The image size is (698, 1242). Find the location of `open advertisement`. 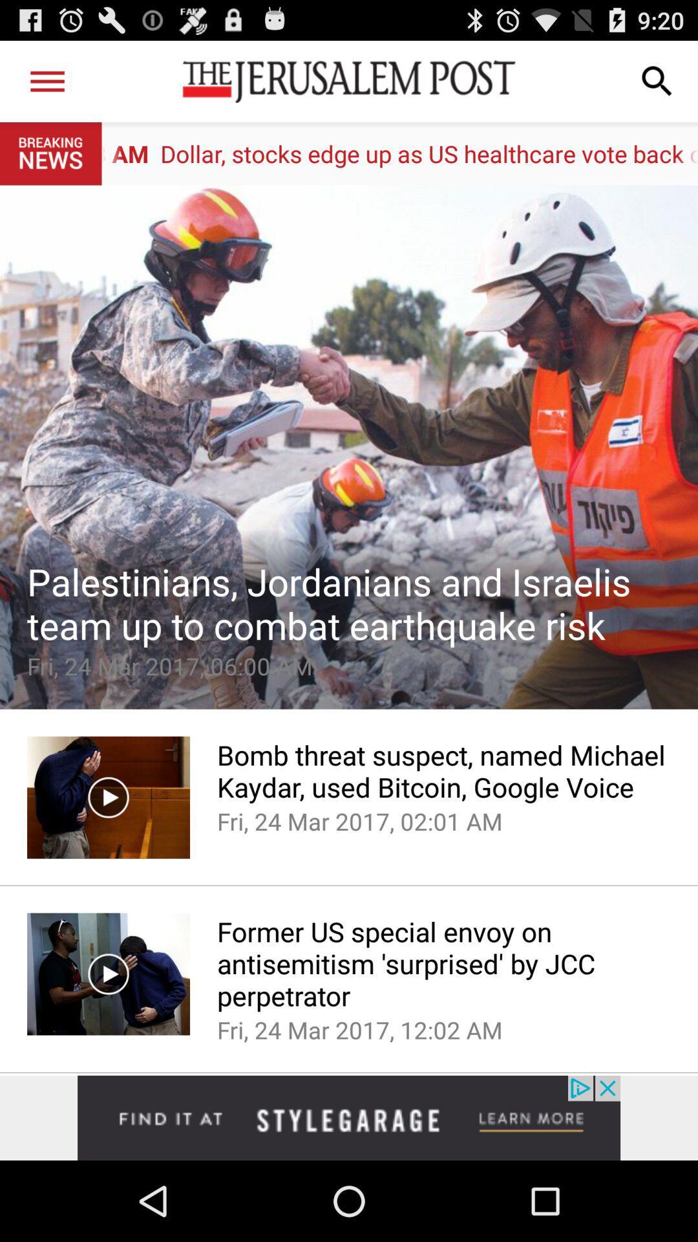

open advertisement is located at coordinates (349, 1117).